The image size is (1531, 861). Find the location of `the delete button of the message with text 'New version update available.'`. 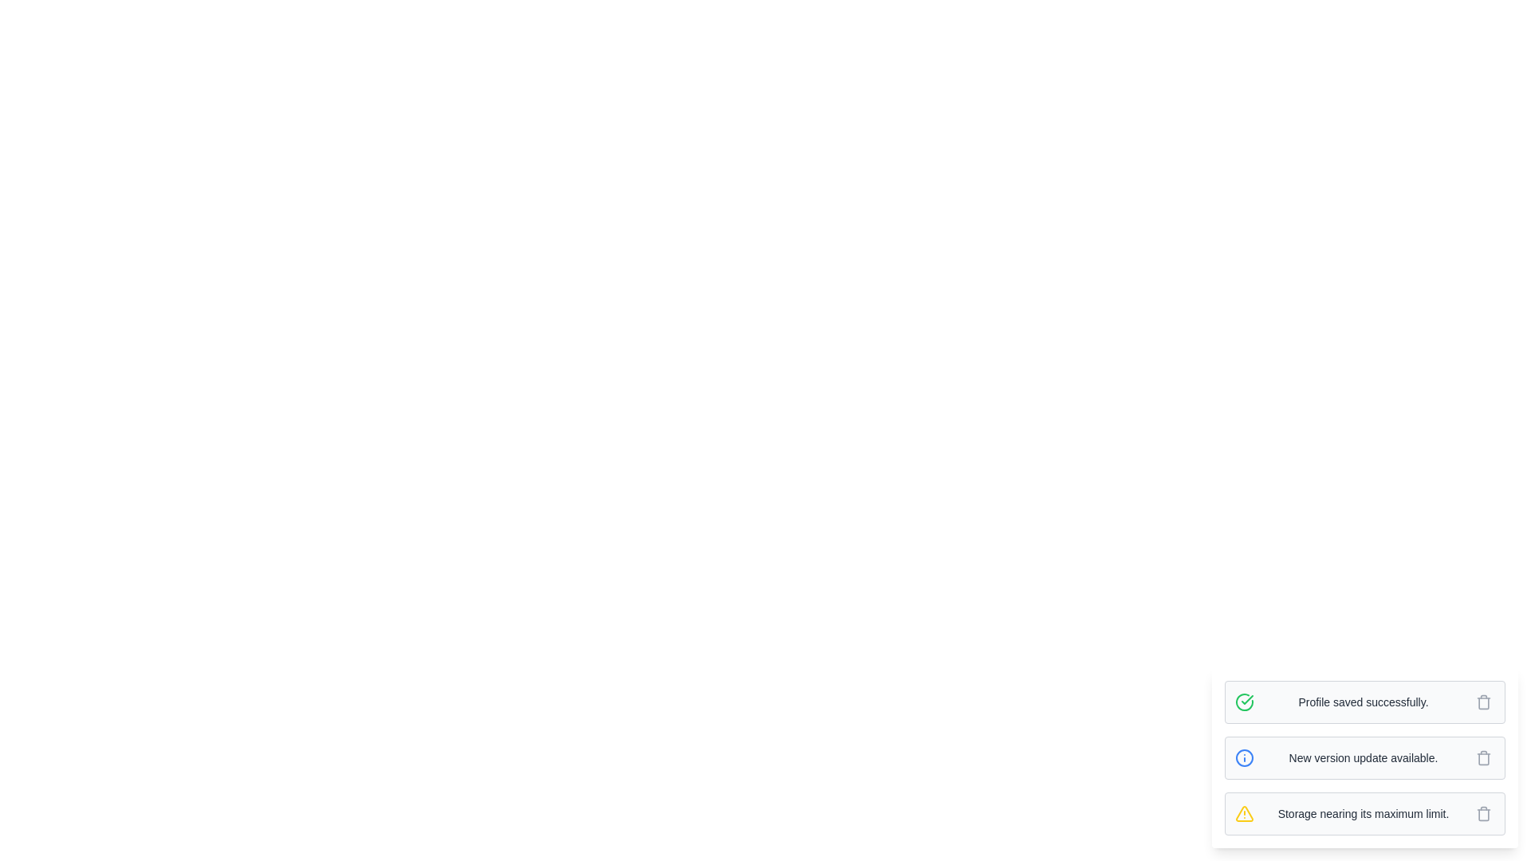

the delete button of the message with text 'New version update available.' is located at coordinates (1483, 757).